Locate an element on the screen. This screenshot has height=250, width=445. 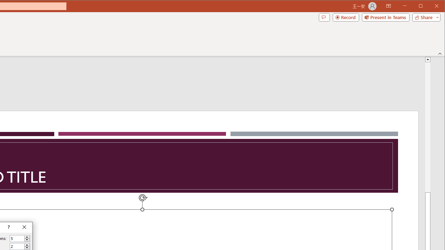
'Maximize' is located at coordinates (430, 7).